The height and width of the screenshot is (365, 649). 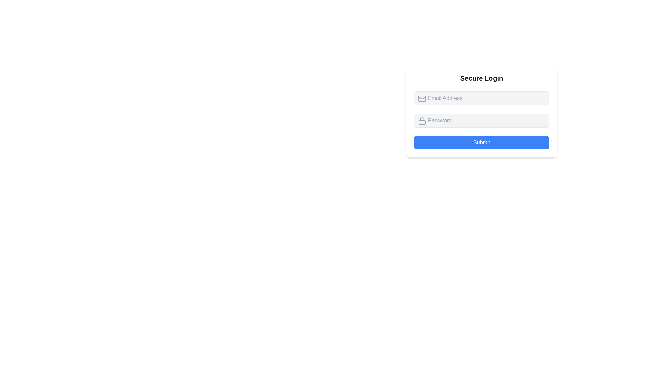 What do you see at coordinates (422, 122) in the screenshot?
I see `Decorative SVG rectangle element, which is a small rectangle with rounded corners located inside the lock icon in the secure login interface, by using developer tools` at bounding box center [422, 122].